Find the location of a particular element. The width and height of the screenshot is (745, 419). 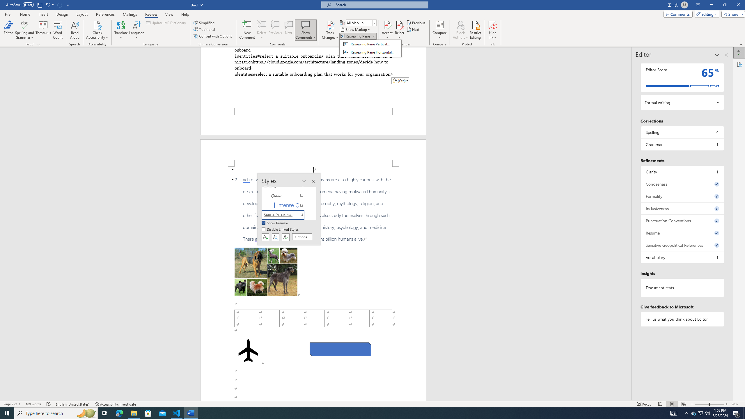

'Translate' is located at coordinates (121, 30).